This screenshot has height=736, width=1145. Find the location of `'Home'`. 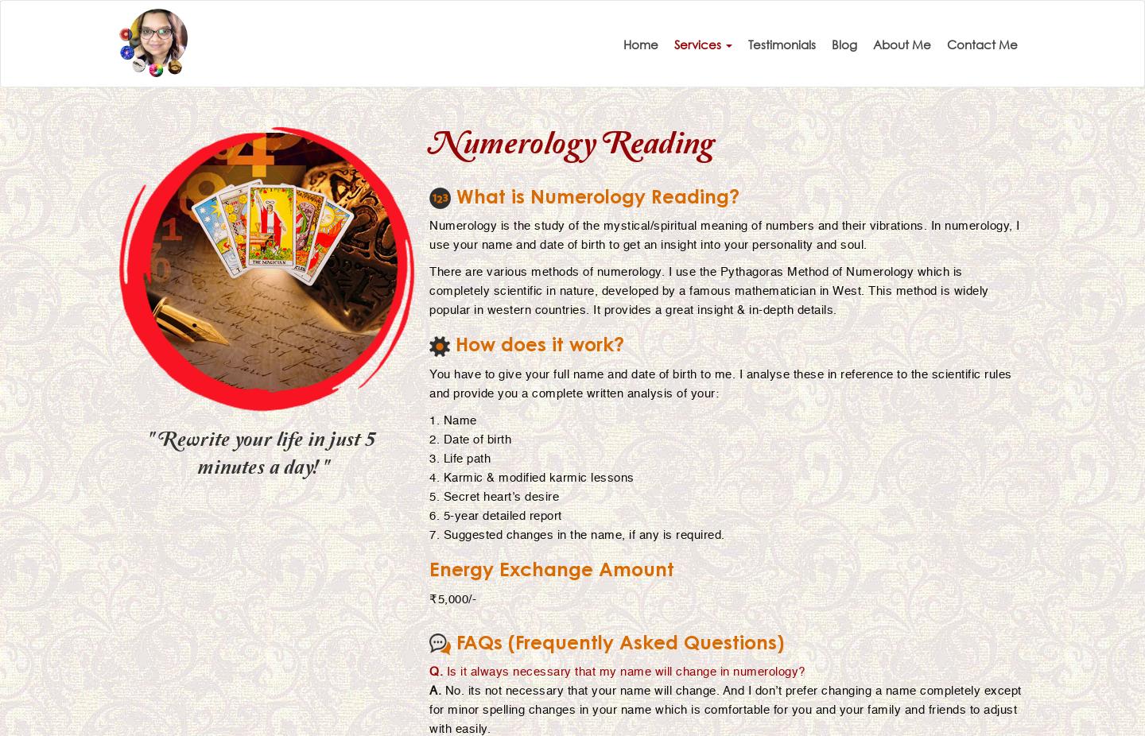

'Home' is located at coordinates (640, 44).